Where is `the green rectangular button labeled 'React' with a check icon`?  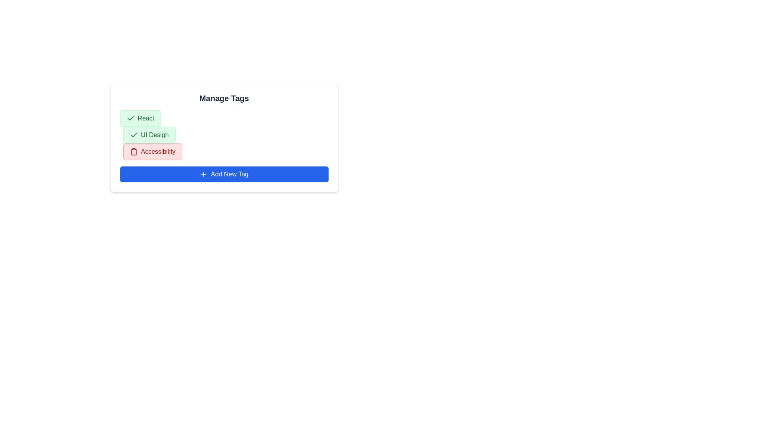
the green rectangular button labeled 'React' with a check icon is located at coordinates (140, 118).